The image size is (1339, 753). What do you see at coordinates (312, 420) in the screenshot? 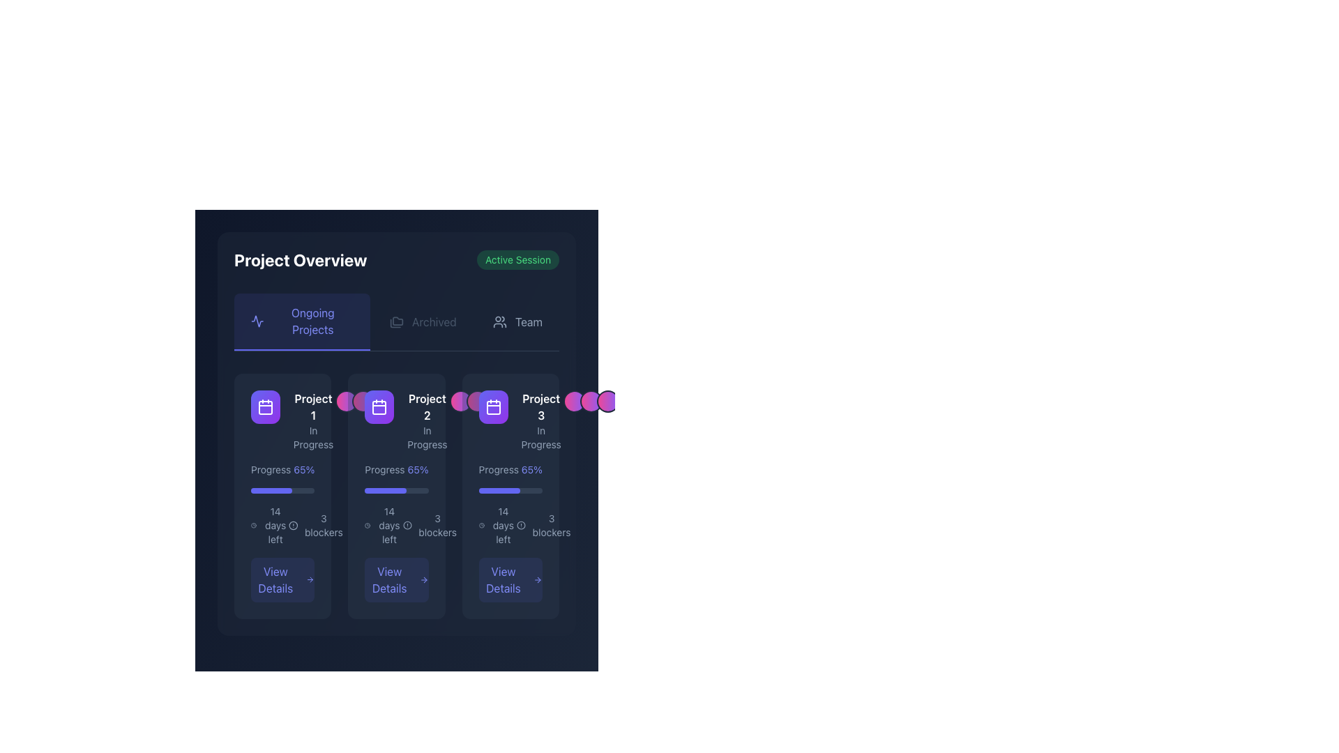
I see `the text label that displays 'Project 1' in bold white text and 'In Progress' in lighter gray text, located in the first column of the project cards section` at bounding box center [312, 420].